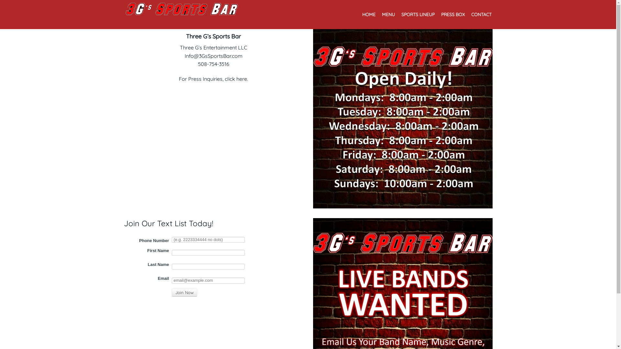  I want to click on 'HOME', so click(369, 16).